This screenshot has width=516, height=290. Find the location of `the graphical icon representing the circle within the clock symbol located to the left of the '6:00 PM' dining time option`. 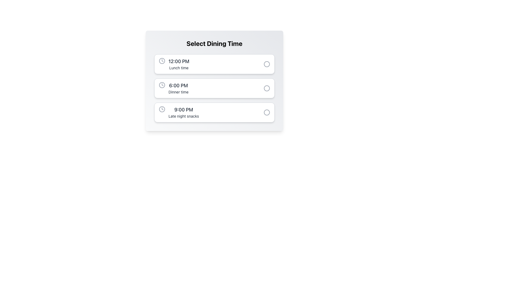

the graphical icon representing the circle within the clock symbol located to the left of the '6:00 PM' dining time option is located at coordinates (162, 85).